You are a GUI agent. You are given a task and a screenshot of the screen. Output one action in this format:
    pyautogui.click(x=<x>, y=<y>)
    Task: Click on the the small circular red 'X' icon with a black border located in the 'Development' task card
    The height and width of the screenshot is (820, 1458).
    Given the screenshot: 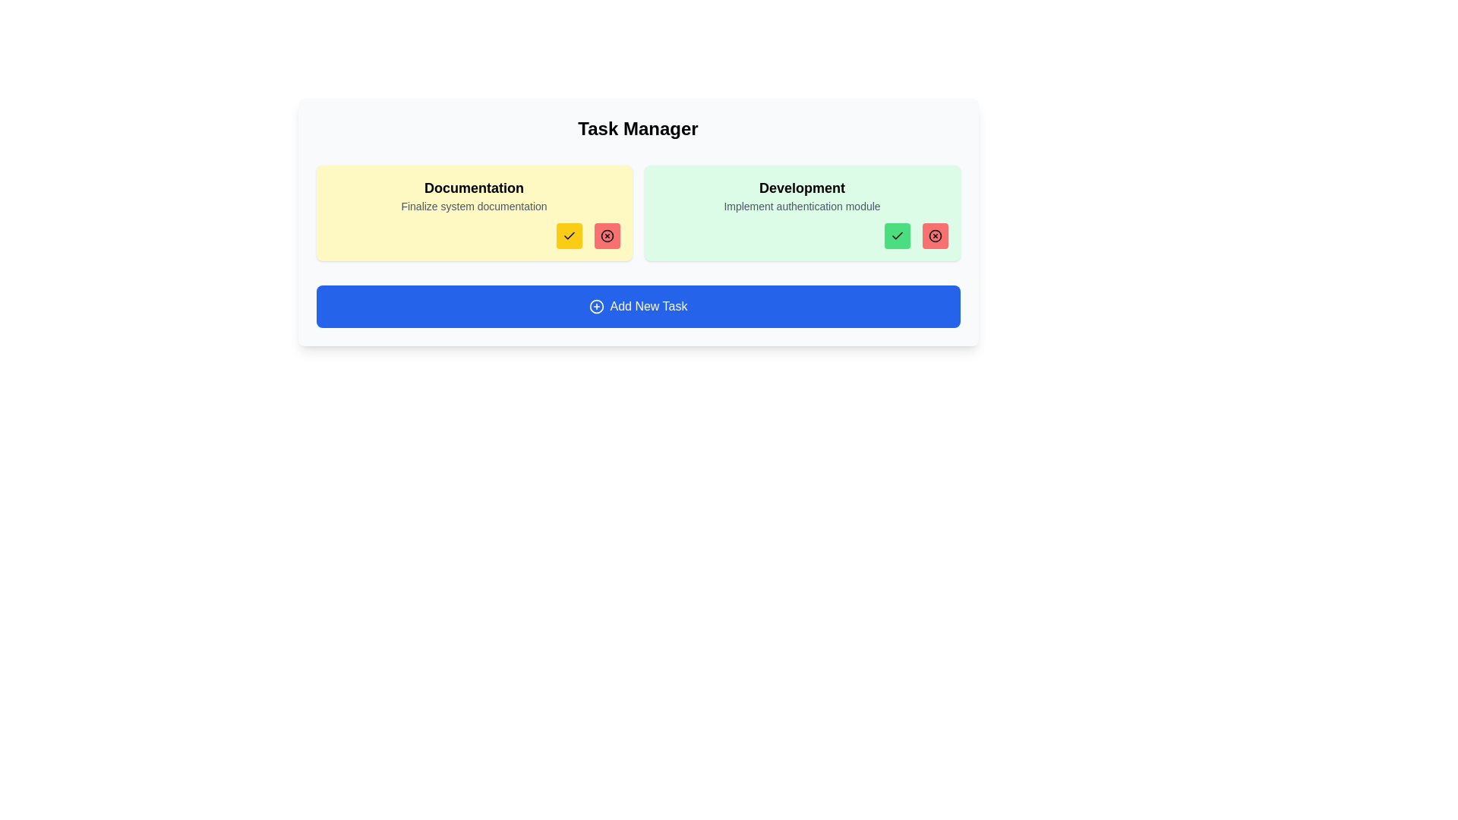 What is the action you would take?
    pyautogui.click(x=934, y=236)
    